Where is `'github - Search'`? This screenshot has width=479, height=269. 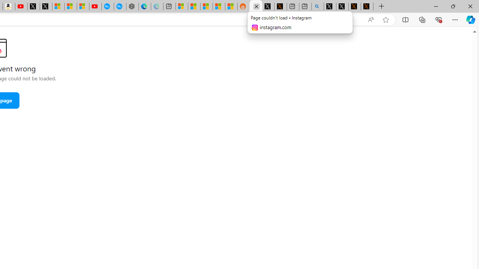
'github - Search' is located at coordinates (318, 6).